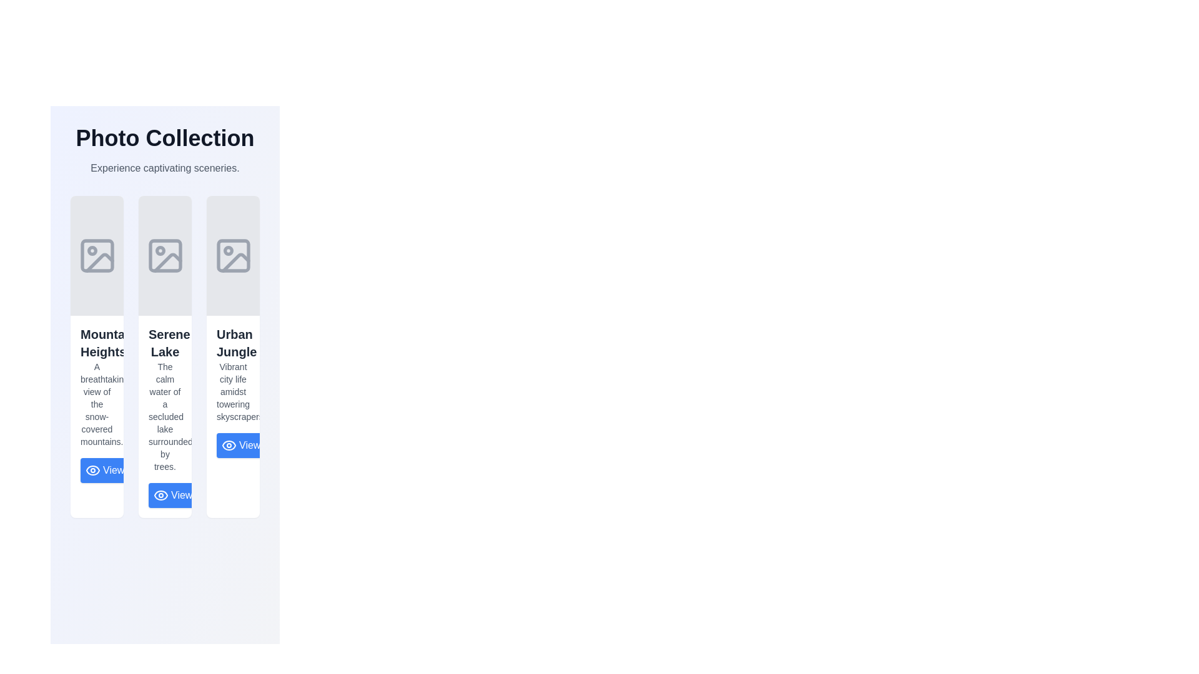  What do you see at coordinates (92, 470) in the screenshot?
I see `the SVG icon representing the 'view' action located within the 'View' button of the first card titled 'Mountain Heights'` at bounding box center [92, 470].